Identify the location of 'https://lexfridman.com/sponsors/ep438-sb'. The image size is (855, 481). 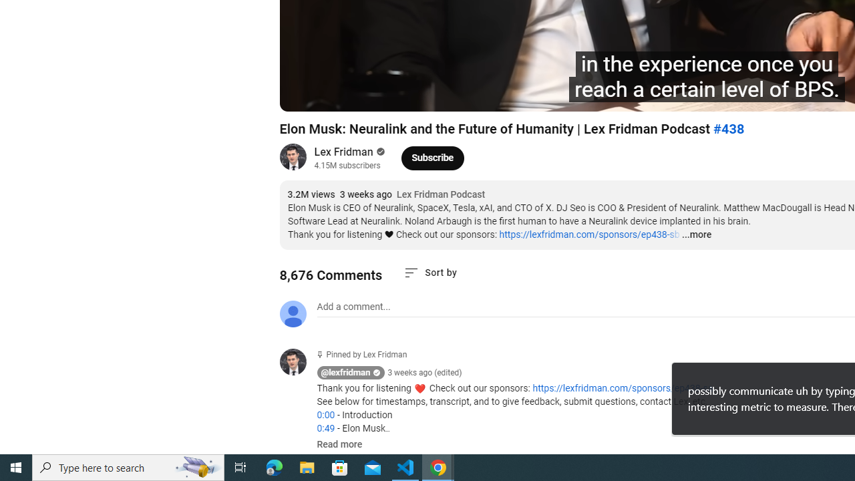
(588, 234).